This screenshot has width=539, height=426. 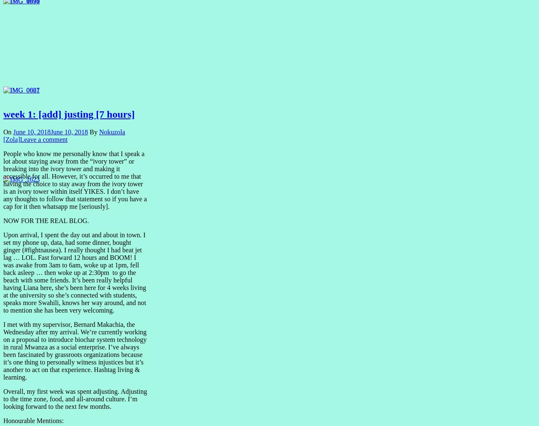 I want to click on 'Upon arrival, I spent the day out and about in town. I set my phone up, data, had some dinner, bought ginger (#fightnausea). I really thought I had beat jet lag … LOL. Fast forward 12 hours and BOOM! I was awake from 3am to 6am, woke up at 1pm, fell back asleep … then woke up at 2:30pm  to go the beach with some friends. It’s been really helpful having Liana here, she’s been here for 4 weeks living at the university so she’s connected with students, speaks more Swahili, knows her way around, and not to mention she has been very welcoming.', so click(x=74, y=272).